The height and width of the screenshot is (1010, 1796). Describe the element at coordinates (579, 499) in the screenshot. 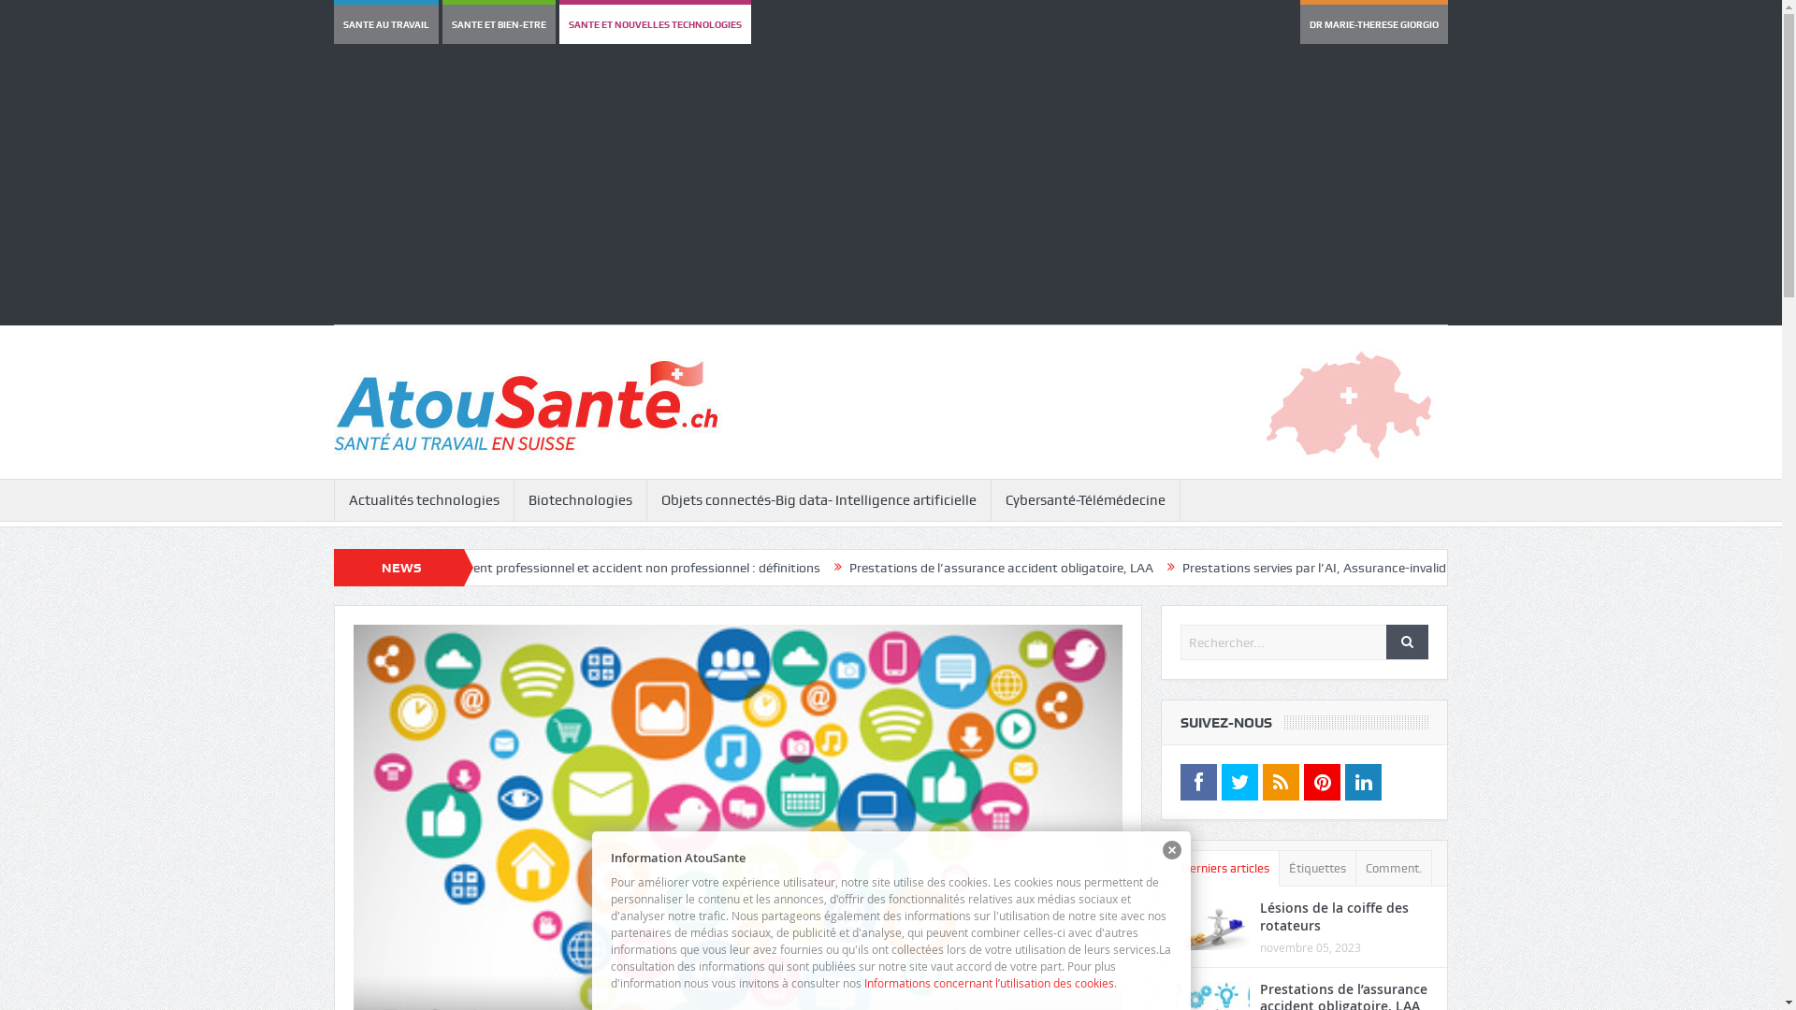

I see `'Biotechnologies'` at that location.